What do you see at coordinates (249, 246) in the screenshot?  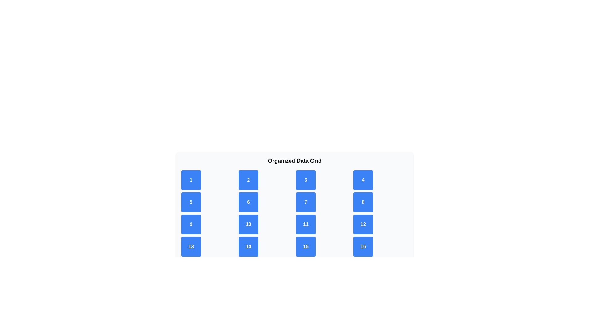 I see `the button labeled '14' located in the fourth row and second column of a 4x4 grid layout` at bounding box center [249, 246].